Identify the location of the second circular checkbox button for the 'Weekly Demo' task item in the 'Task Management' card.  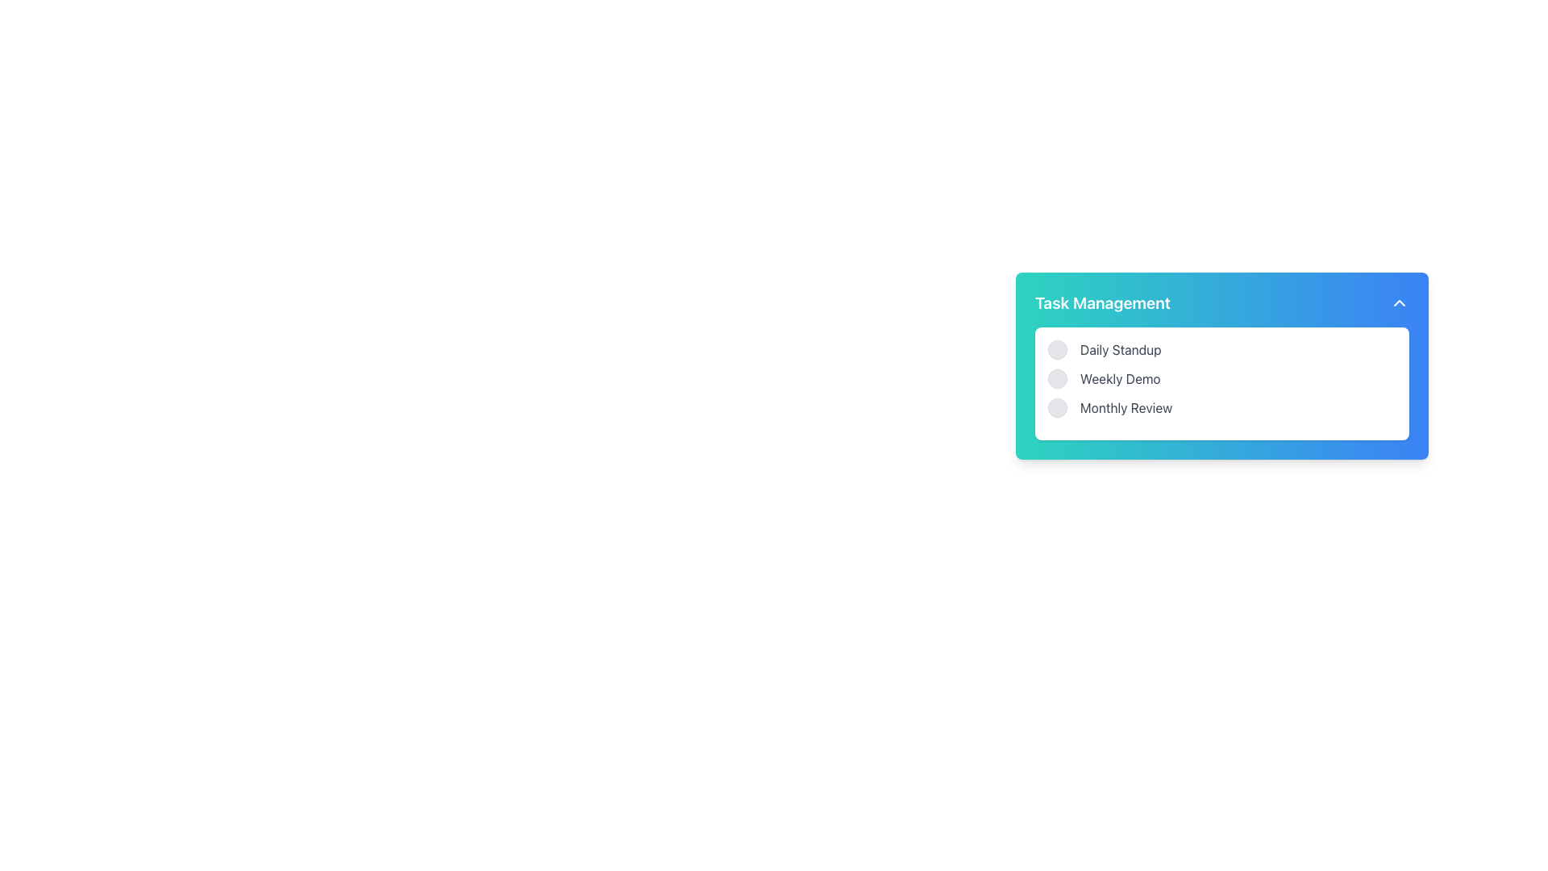
(1057, 379).